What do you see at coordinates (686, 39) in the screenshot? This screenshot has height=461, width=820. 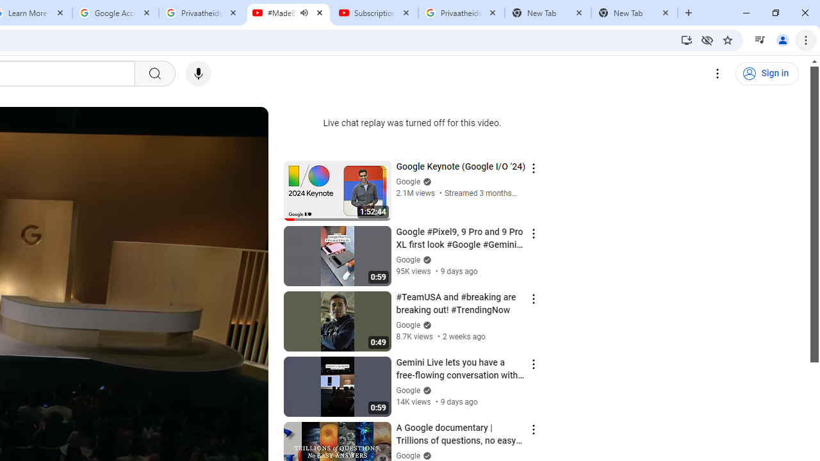 I see `'Install YouTube'` at bounding box center [686, 39].